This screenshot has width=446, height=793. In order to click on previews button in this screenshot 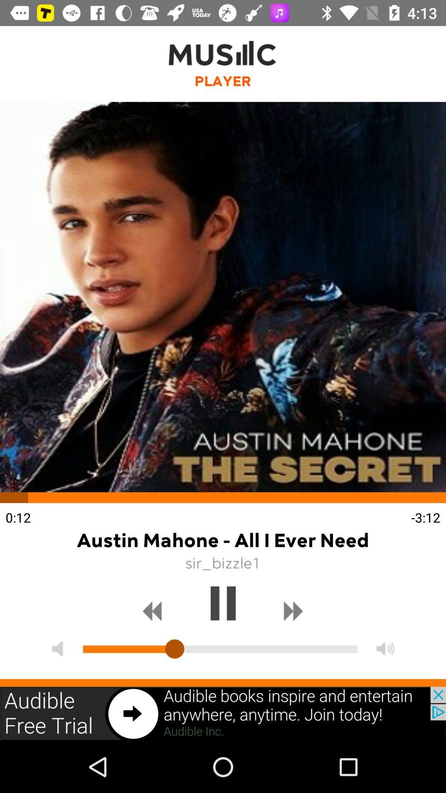, I will do `click(152, 611)`.